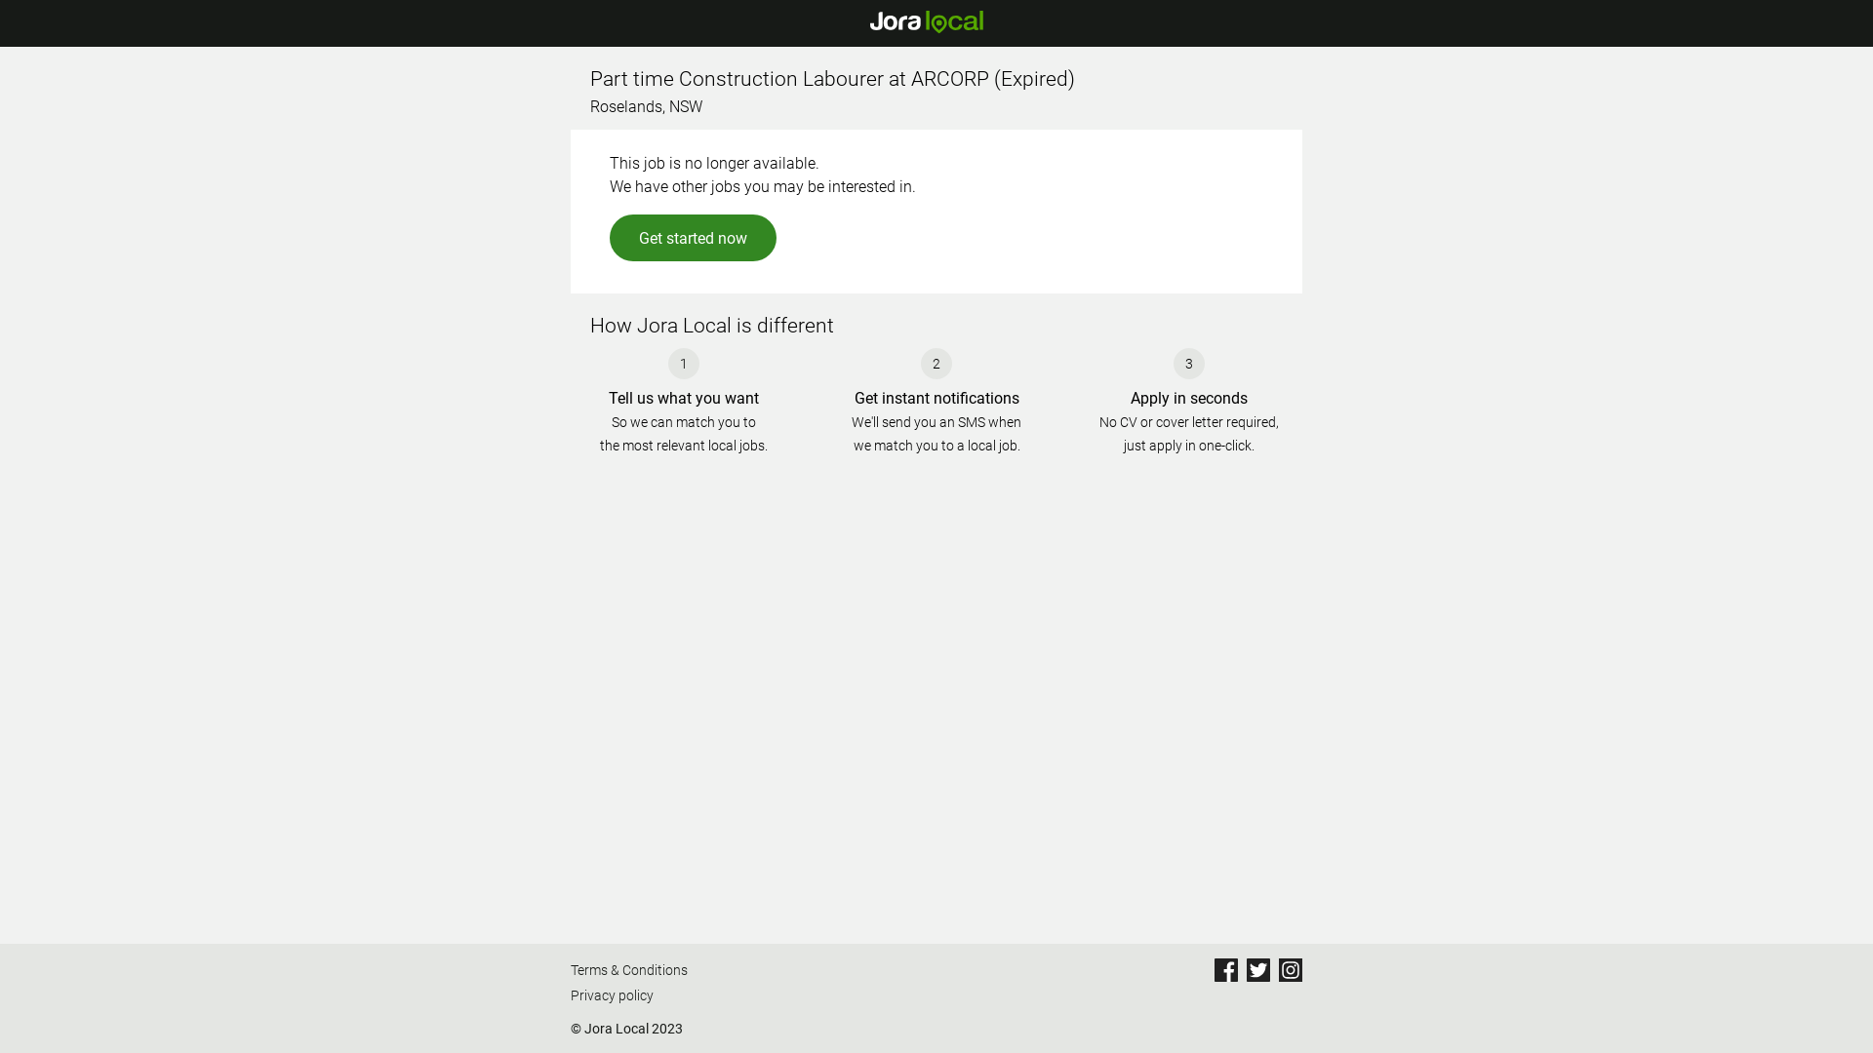  Describe the element at coordinates (1258, 970) in the screenshot. I see `'Twitter'` at that location.